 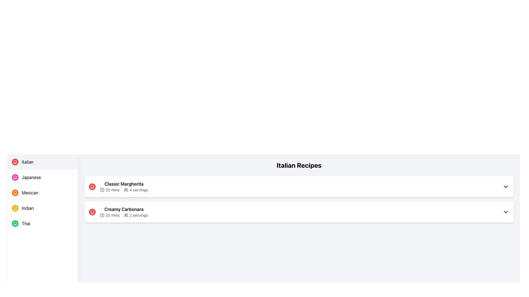 I want to click on the decorative icon representing the recipe titled 'Classic Margherita', located on the left side of the item's description, so click(x=92, y=212).